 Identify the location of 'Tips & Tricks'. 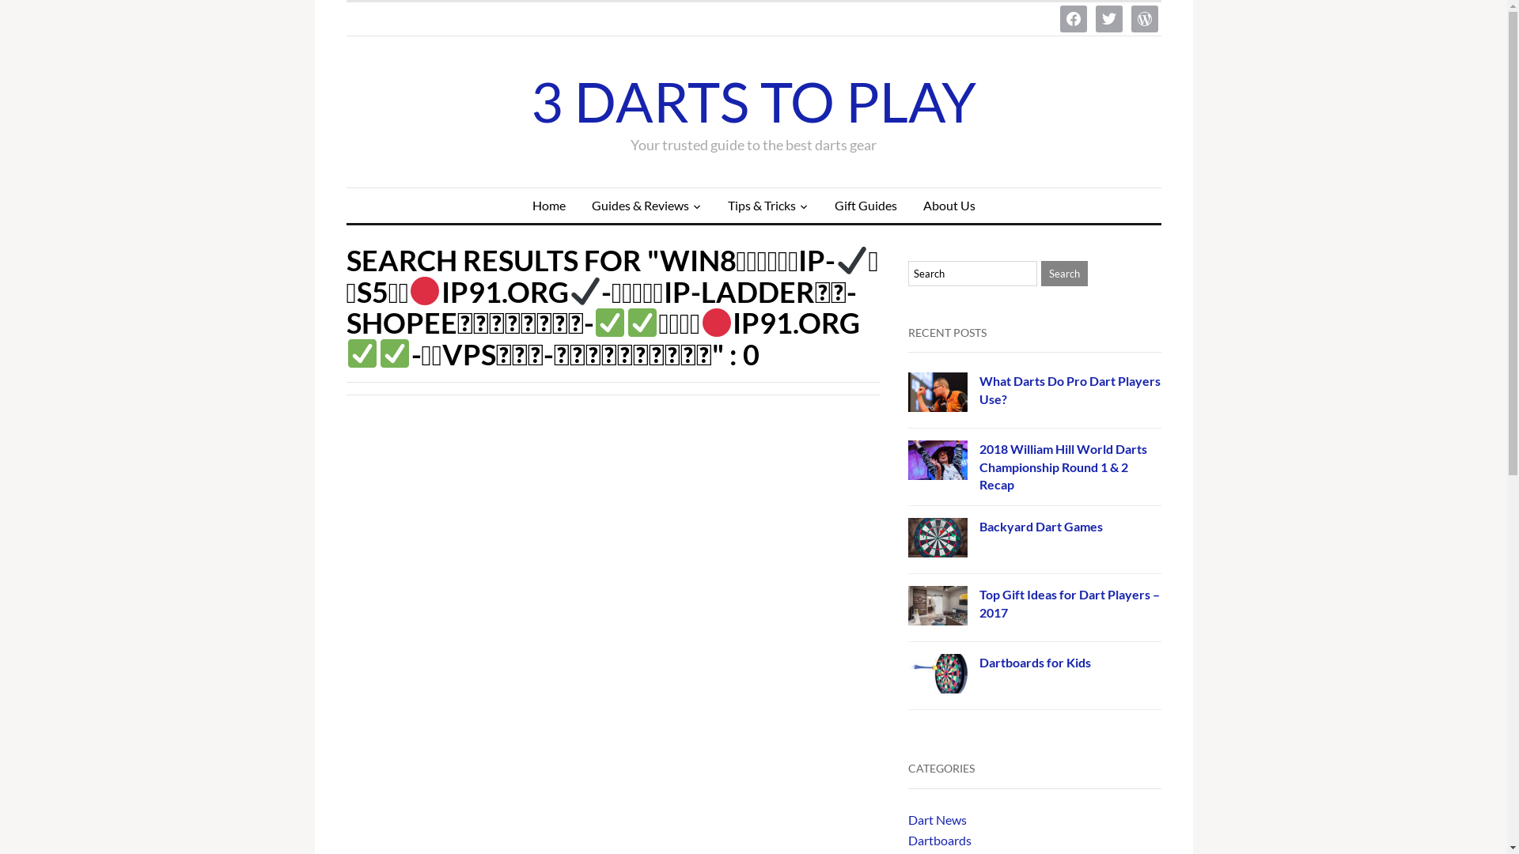
(767, 204).